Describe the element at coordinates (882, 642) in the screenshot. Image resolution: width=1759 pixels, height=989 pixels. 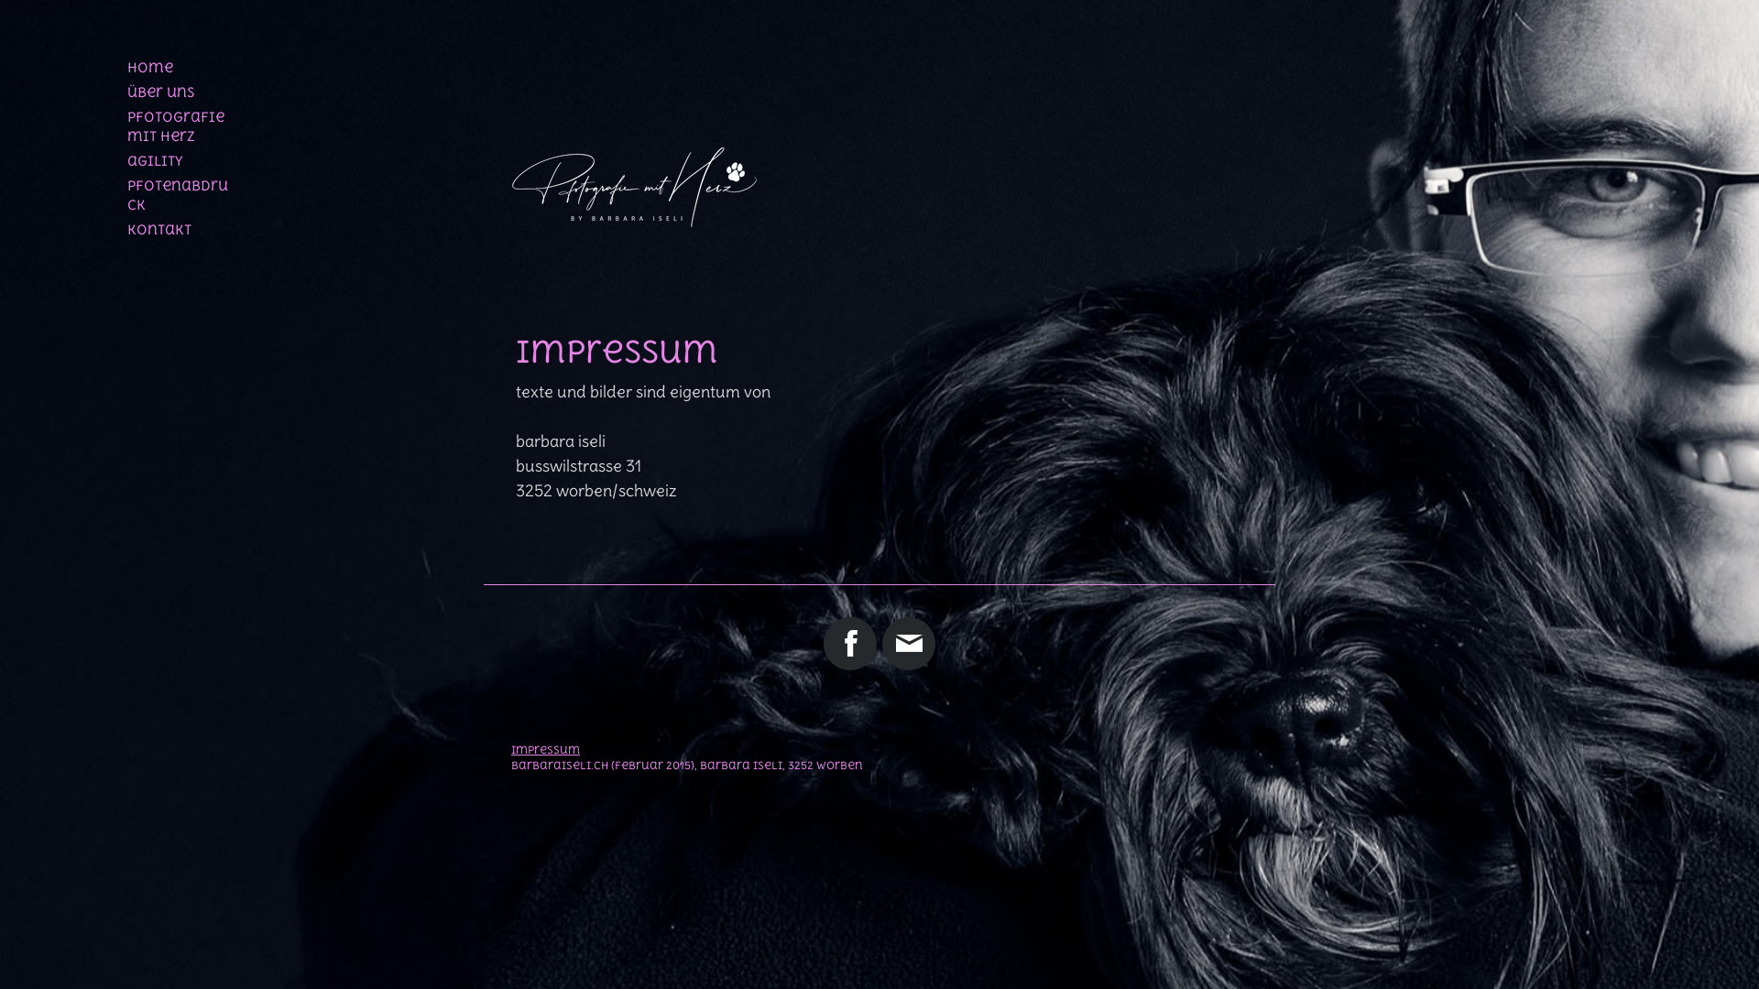
I see `'E-Mail'` at that location.